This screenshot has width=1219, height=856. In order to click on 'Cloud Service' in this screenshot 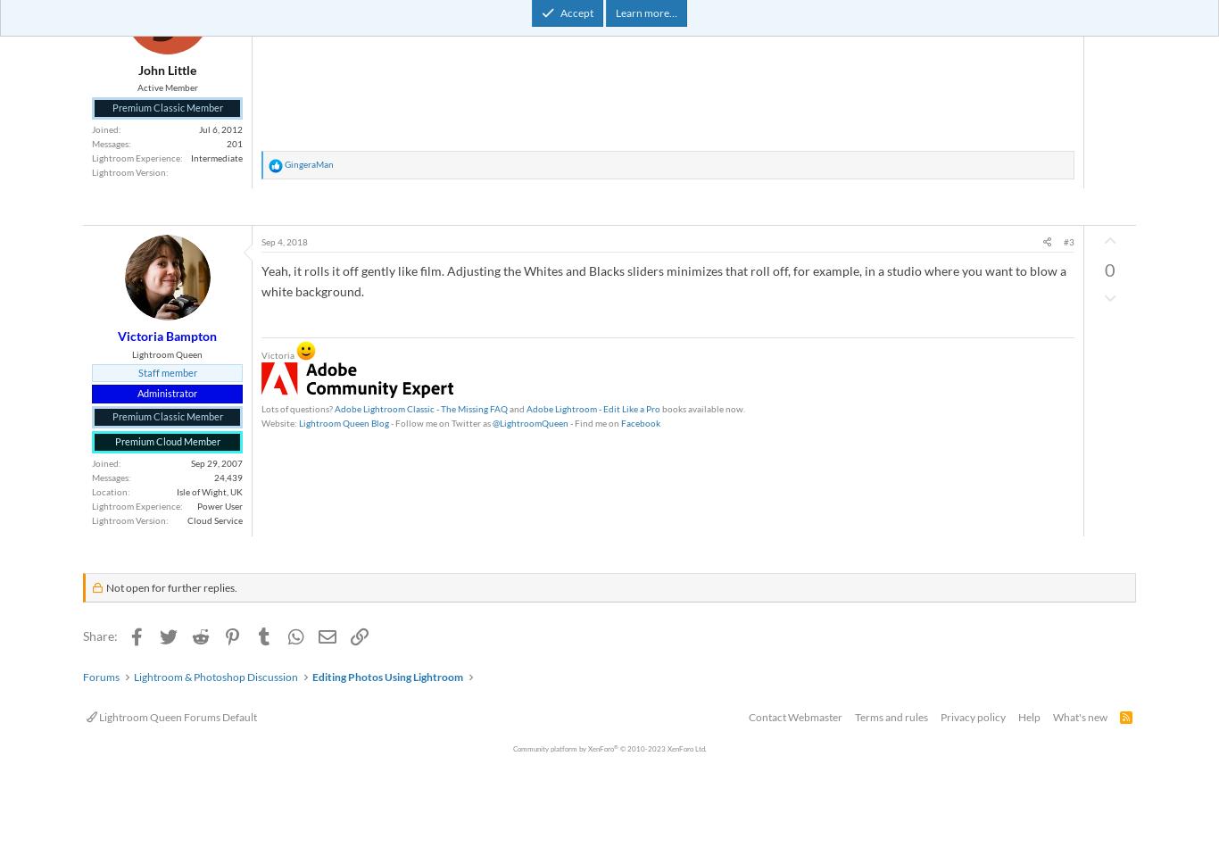, I will do `click(214, 519)`.